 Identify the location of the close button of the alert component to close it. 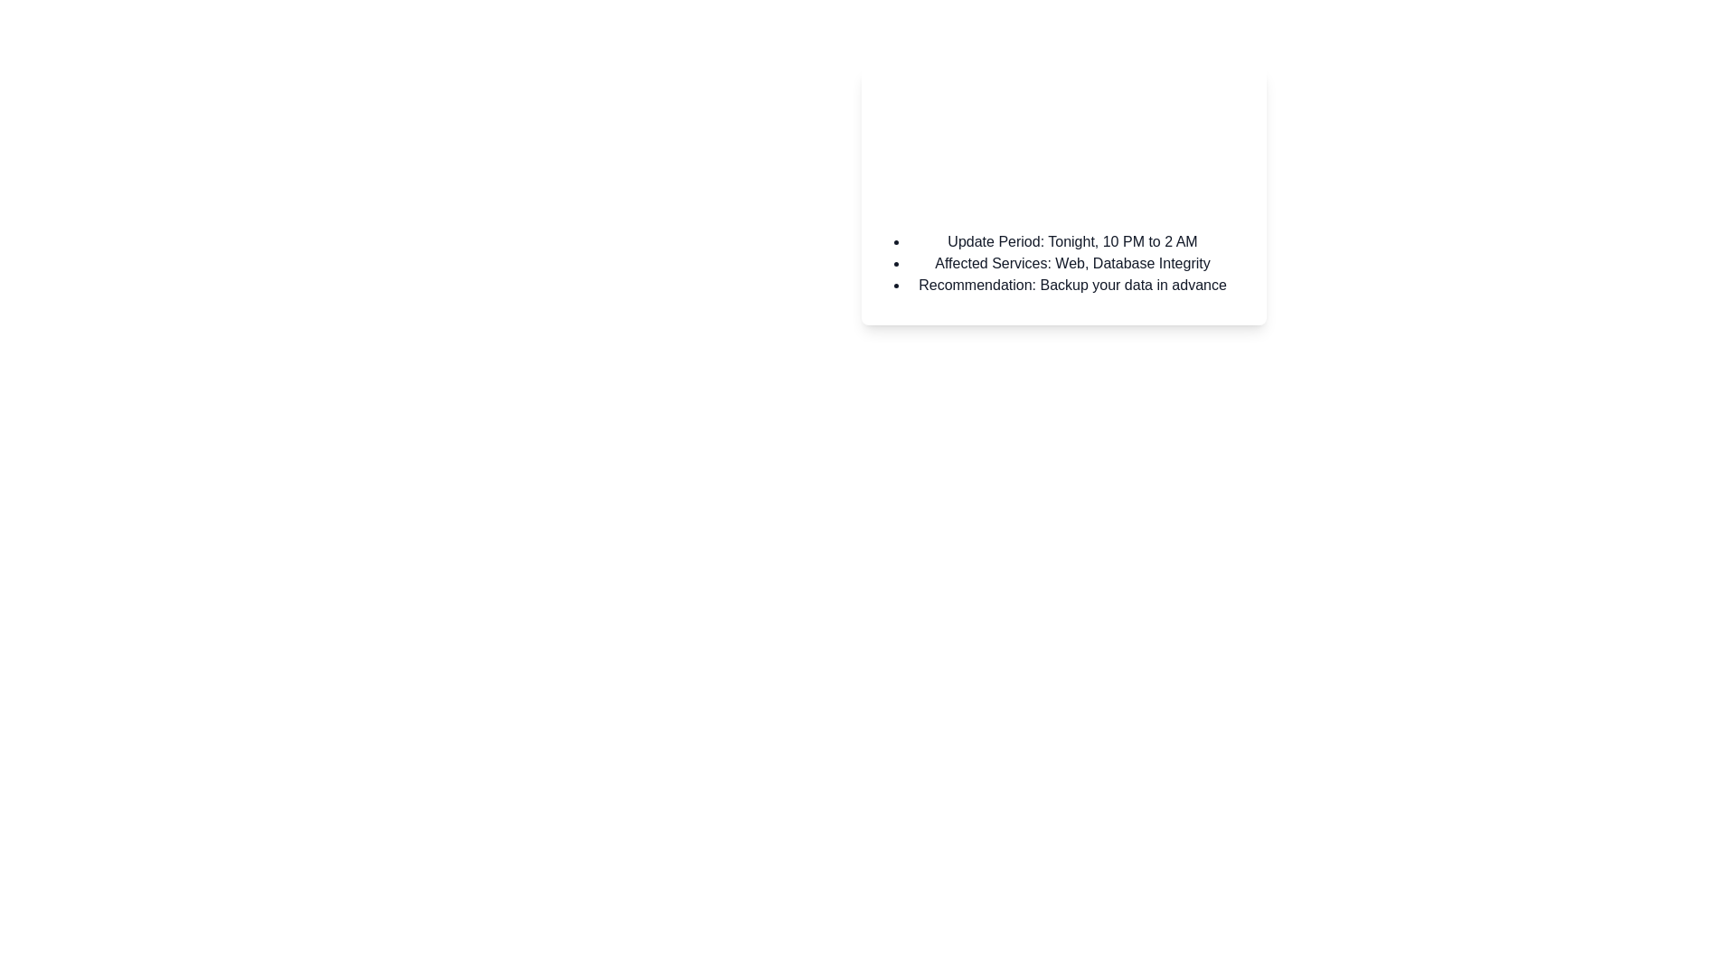
(1241, 94).